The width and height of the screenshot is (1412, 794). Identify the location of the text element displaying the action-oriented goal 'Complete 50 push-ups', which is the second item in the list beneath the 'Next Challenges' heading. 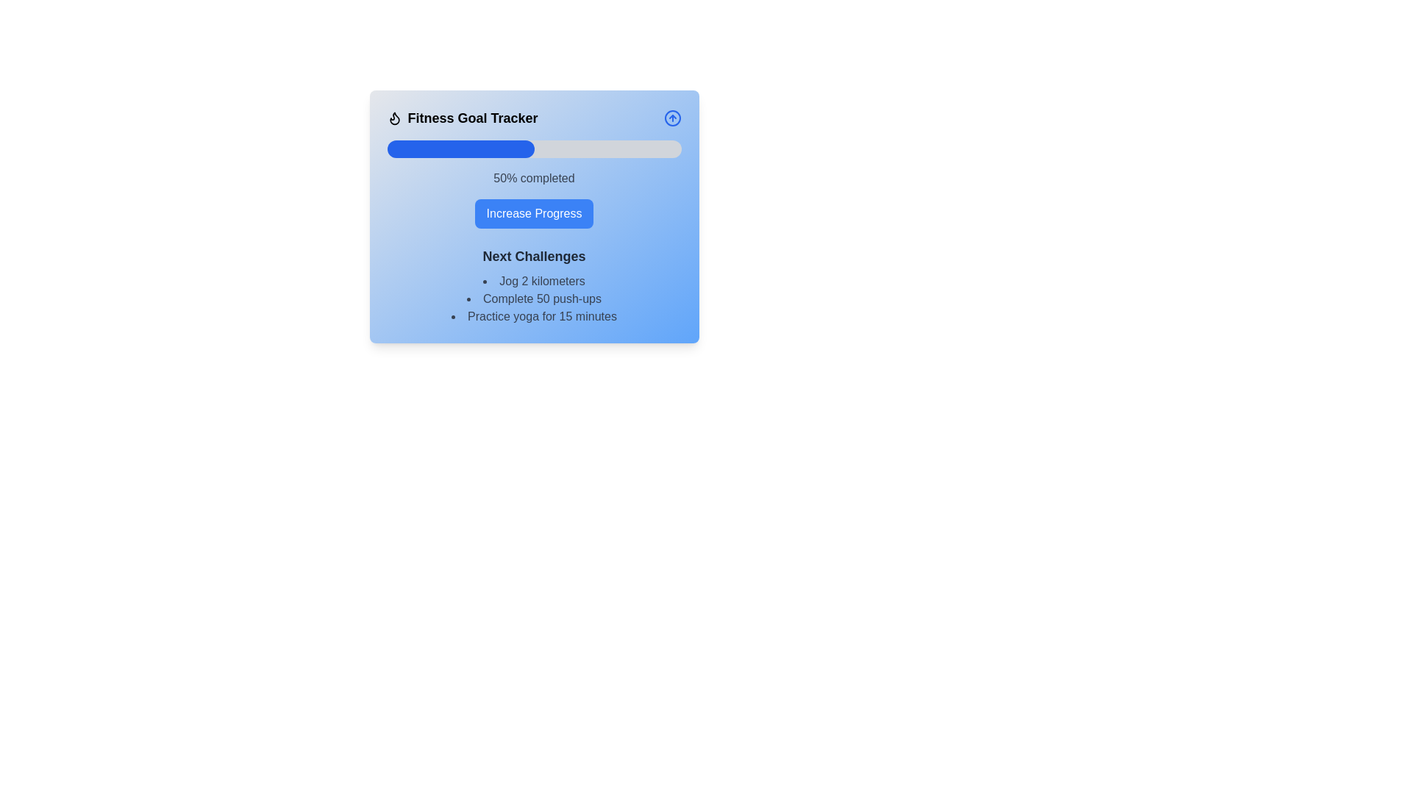
(533, 298).